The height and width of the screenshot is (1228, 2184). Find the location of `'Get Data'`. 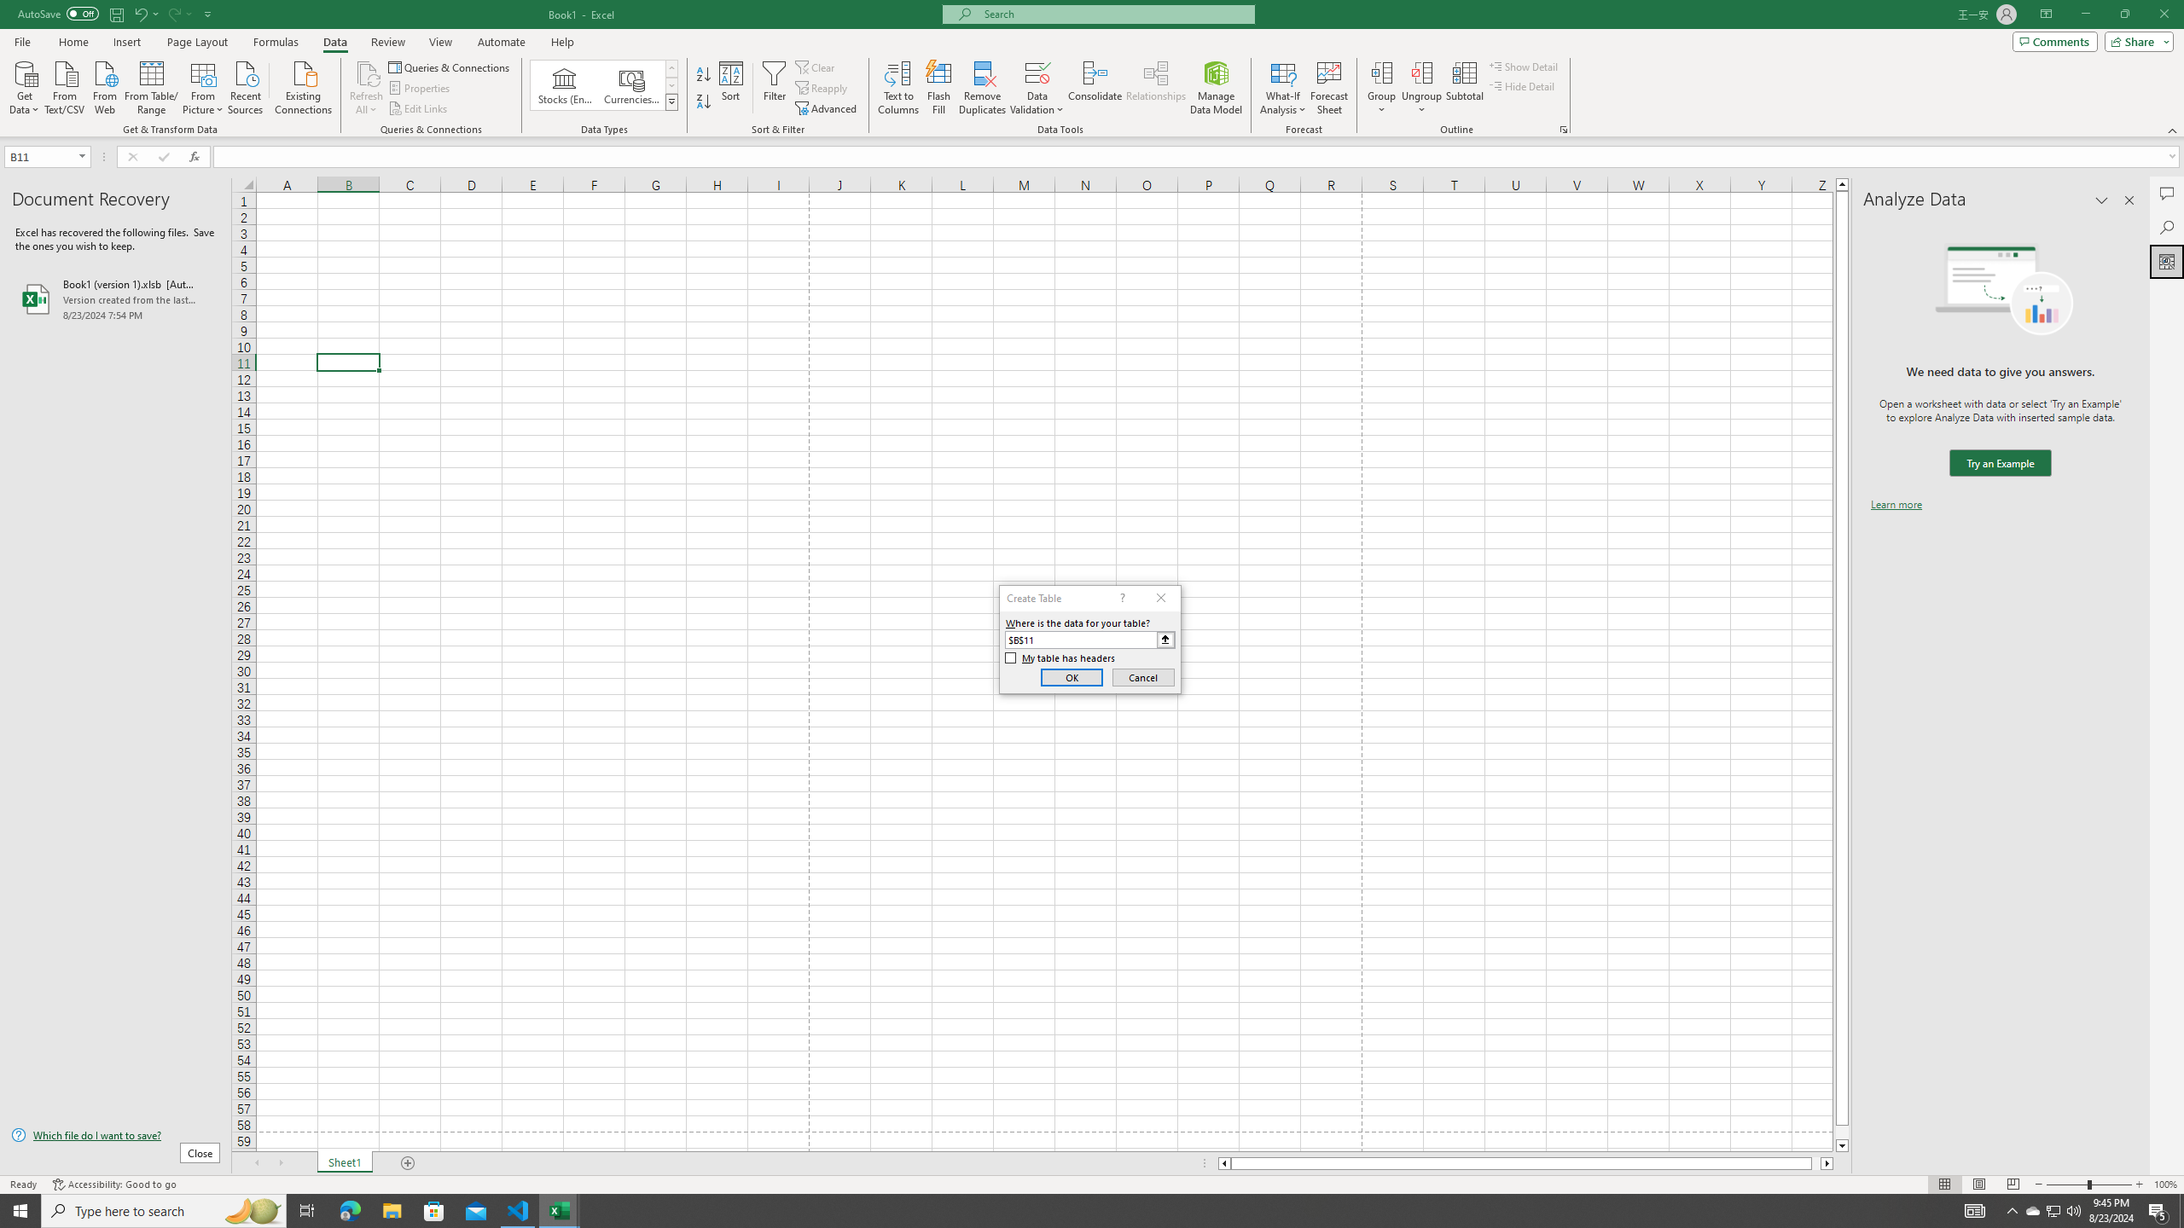

'Get Data' is located at coordinates (24, 85).